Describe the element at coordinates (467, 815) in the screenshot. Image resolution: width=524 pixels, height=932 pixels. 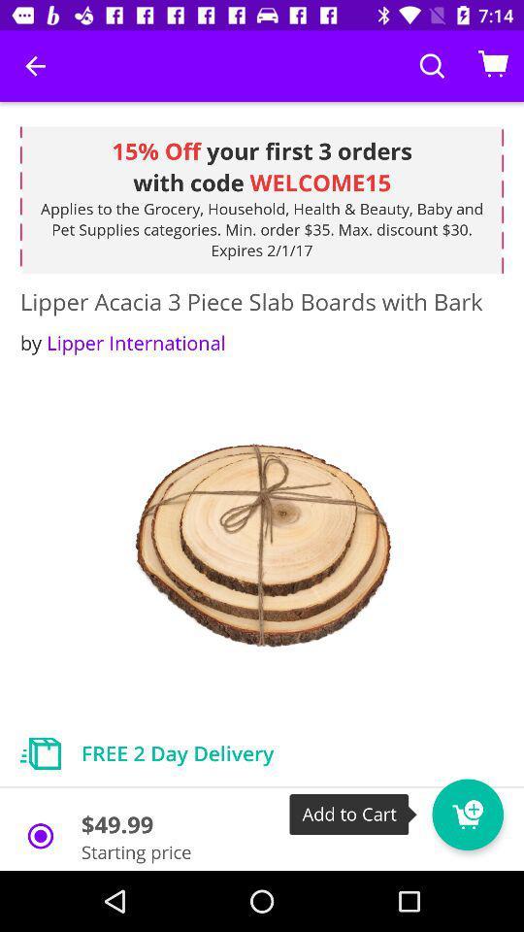
I see `to card` at that location.